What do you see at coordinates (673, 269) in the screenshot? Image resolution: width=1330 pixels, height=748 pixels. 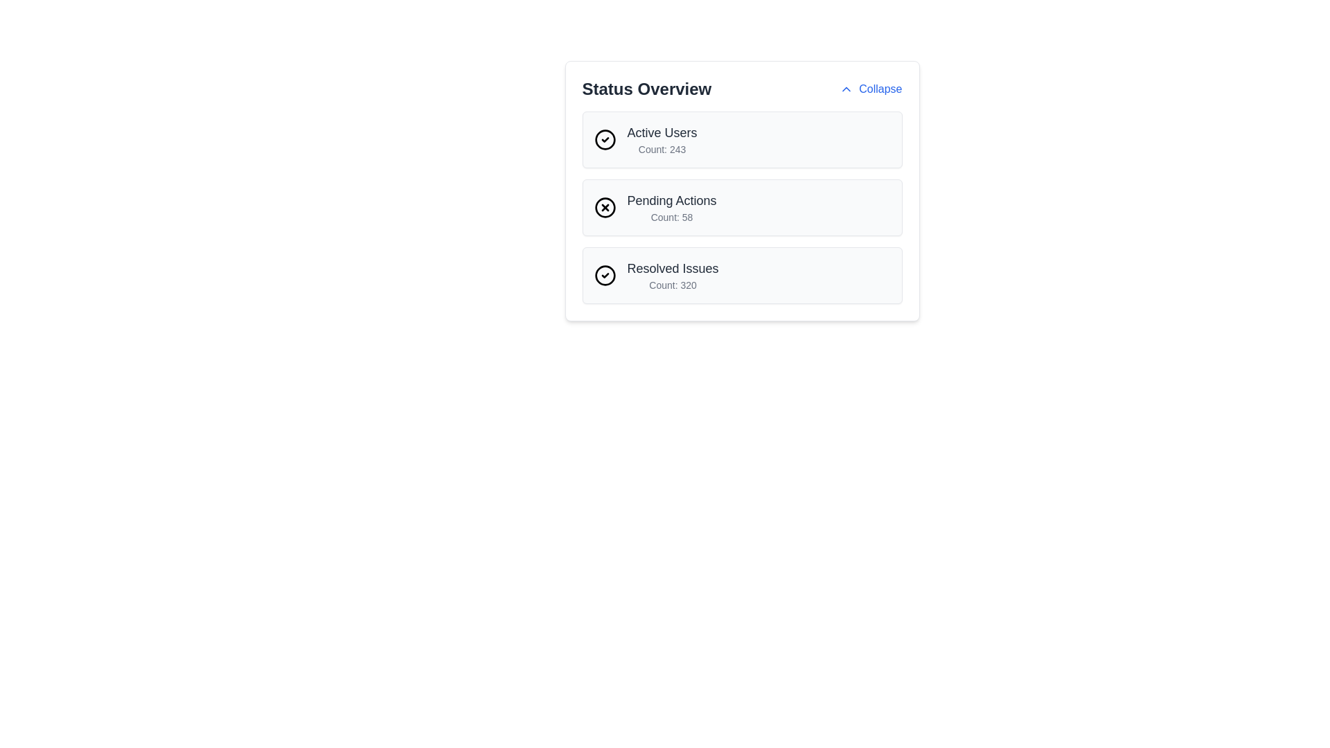 I see `the 'Resolved Issues' text label, which is prominently displayed in bold dark gray within the third card of the 'Status Overview' section on the left side of the interface` at bounding box center [673, 269].